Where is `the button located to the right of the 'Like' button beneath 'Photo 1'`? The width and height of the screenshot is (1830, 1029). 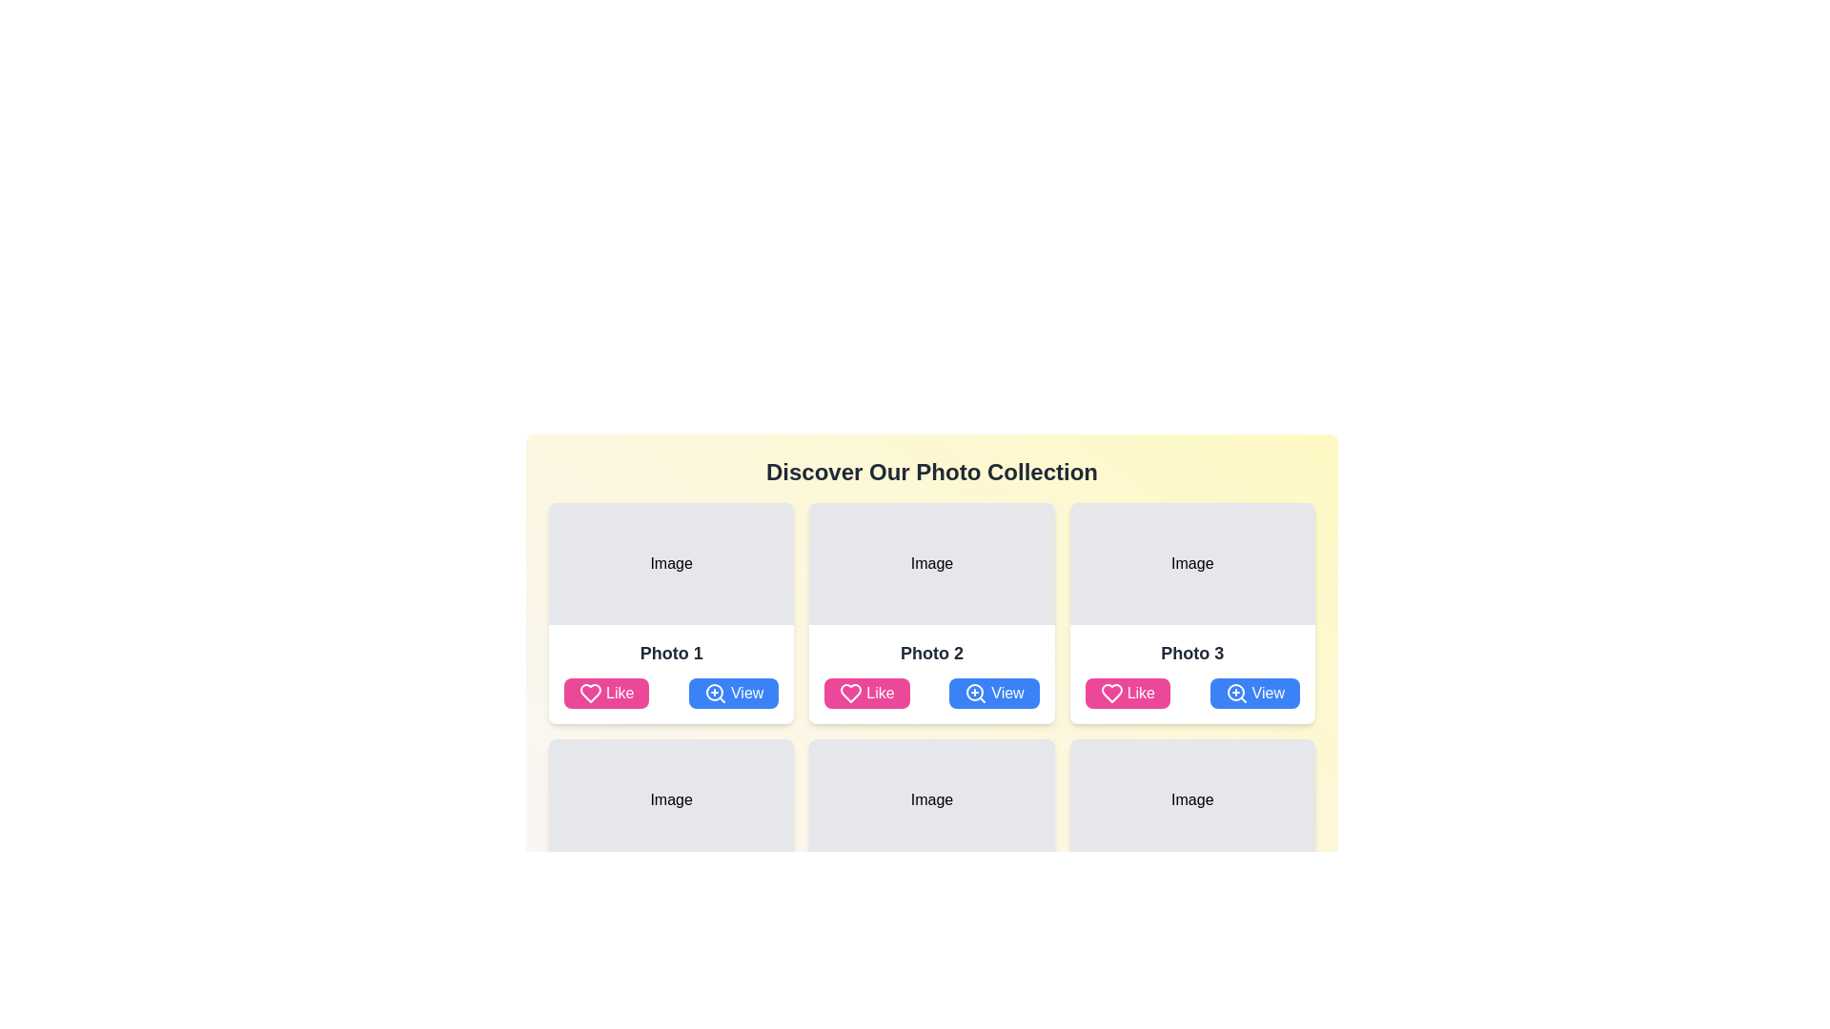
the button located to the right of the 'Like' button beneath 'Photo 1' is located at coordinates (733, 694).